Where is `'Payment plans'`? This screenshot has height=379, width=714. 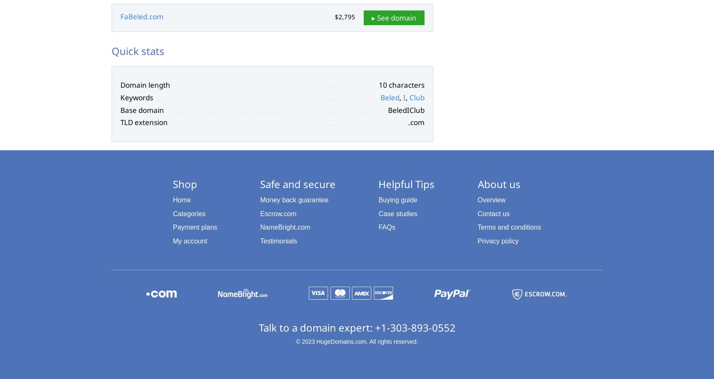 'Payment plans' is located at coordinates (173, 227).